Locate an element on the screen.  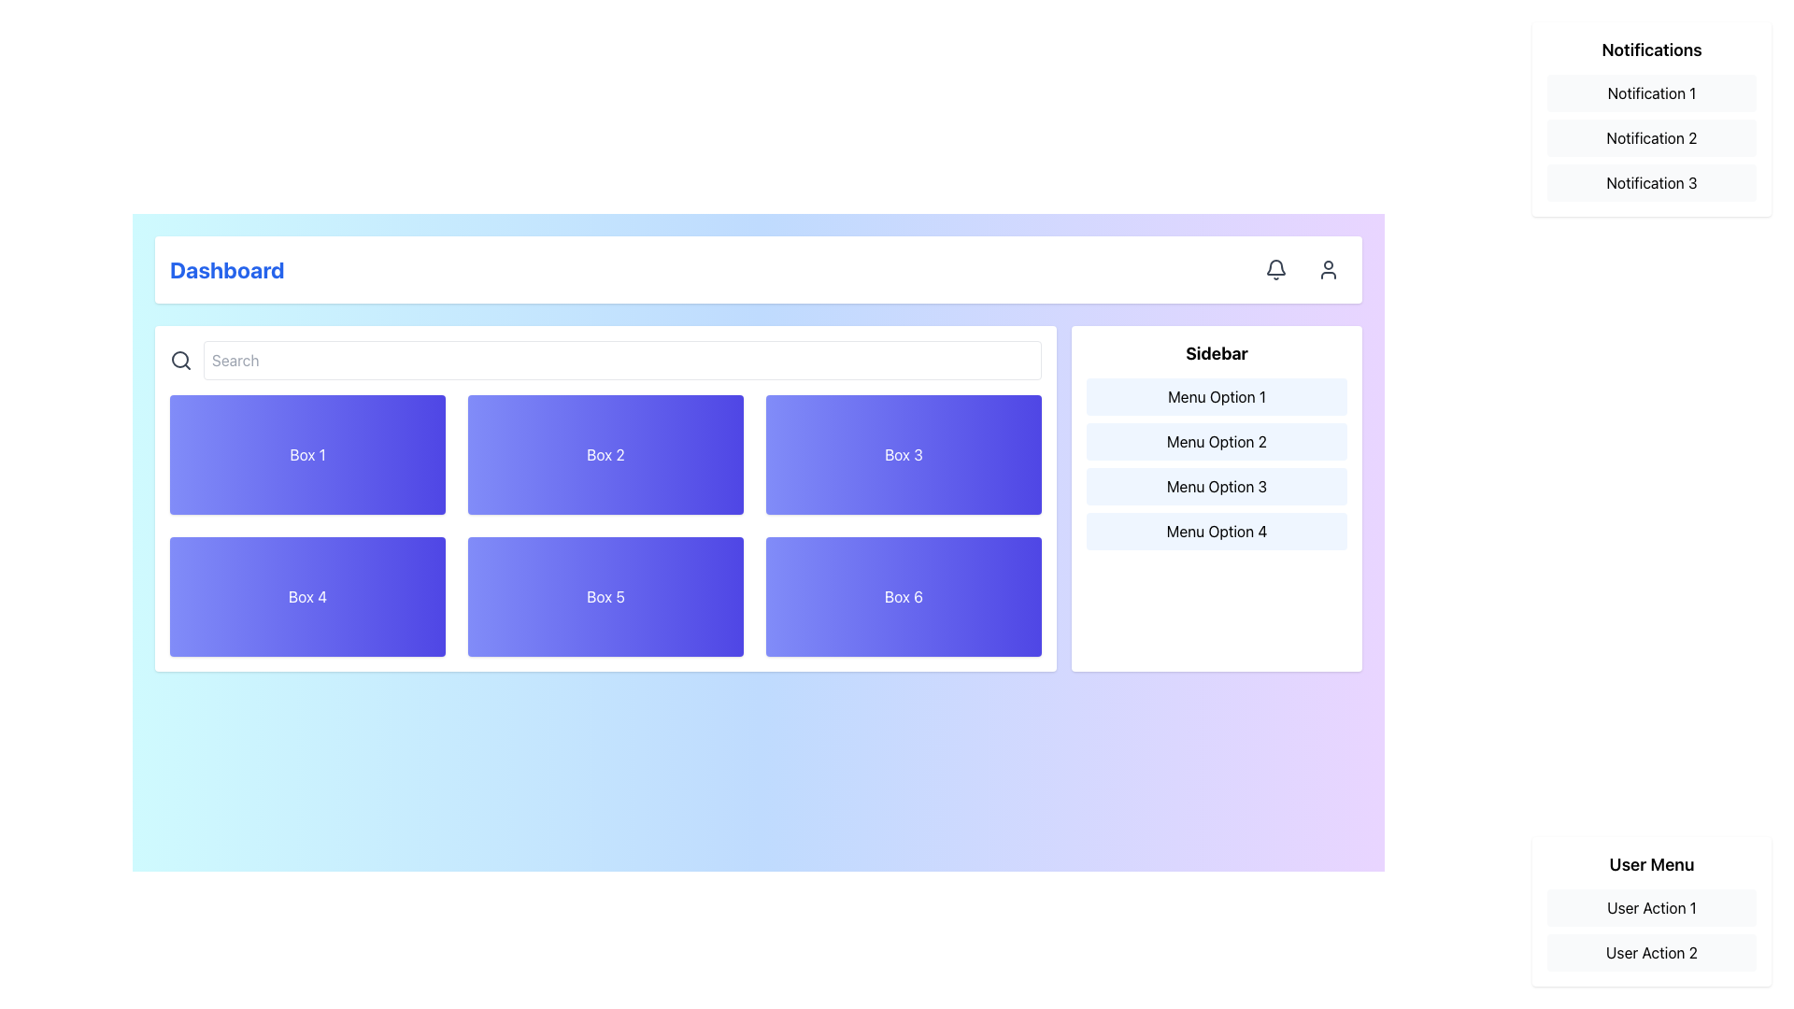
the fifth static display box in a grid layout, located in the second row and second column, which is non-interactive and serves for visual organization is located at coordinates (605, 597).